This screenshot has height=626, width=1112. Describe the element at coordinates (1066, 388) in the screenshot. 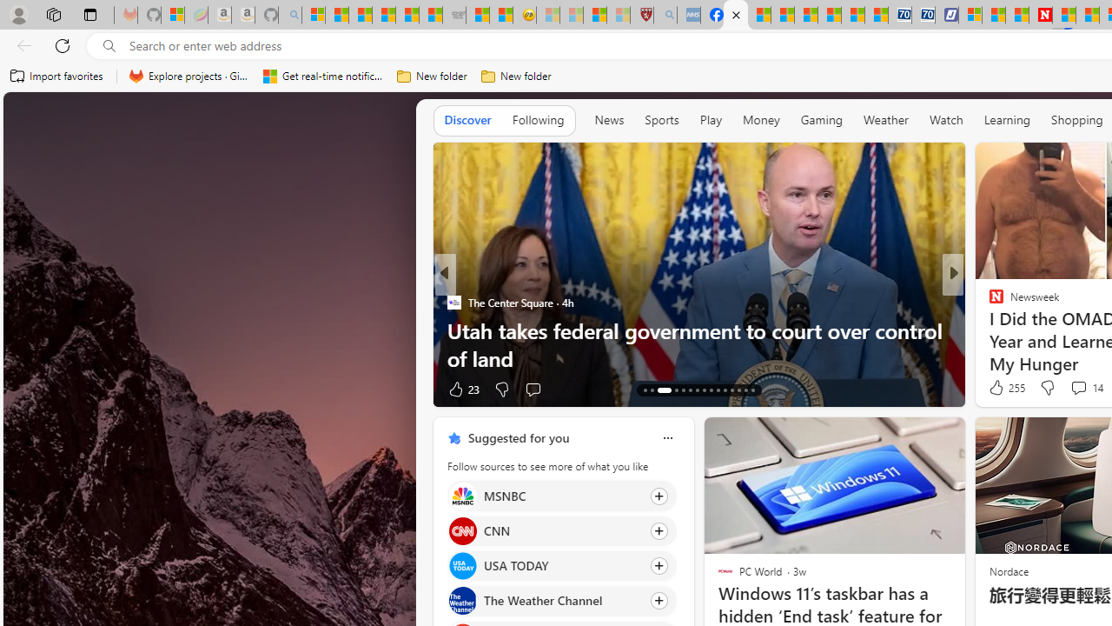

I see `'View comments 228 Comment'` at that location.